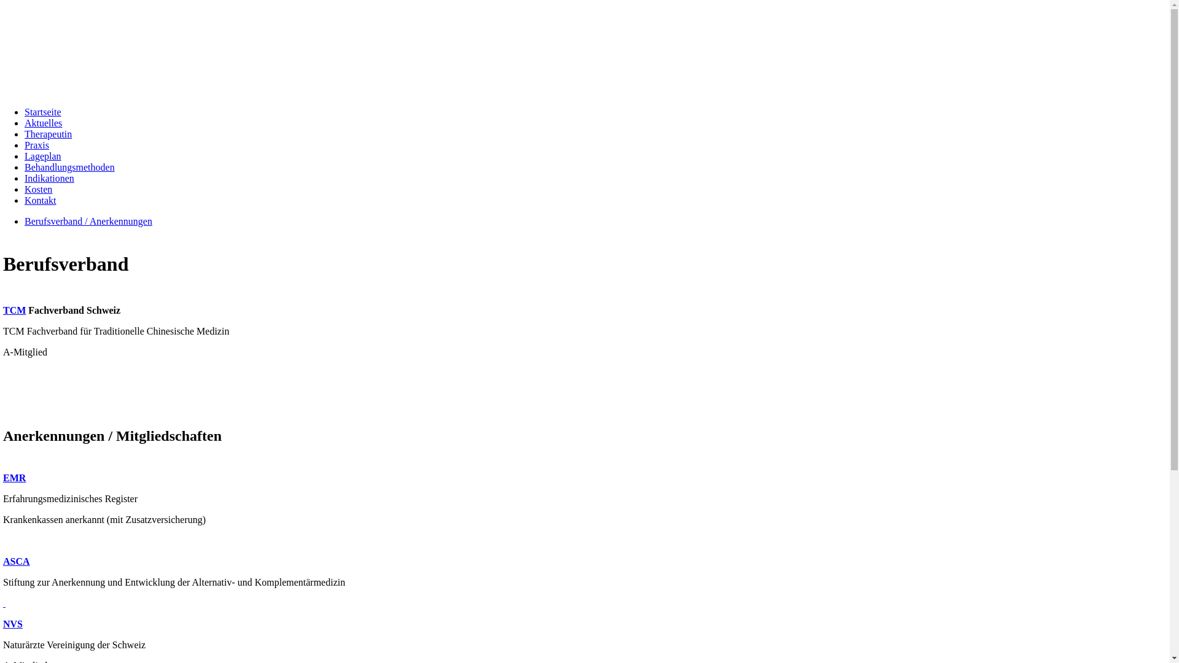 The width and height of the screenshot is (1179, 663). Describe the element at coordinates (43, 112) in the screenshot. I see `'Startseite'` at that location.